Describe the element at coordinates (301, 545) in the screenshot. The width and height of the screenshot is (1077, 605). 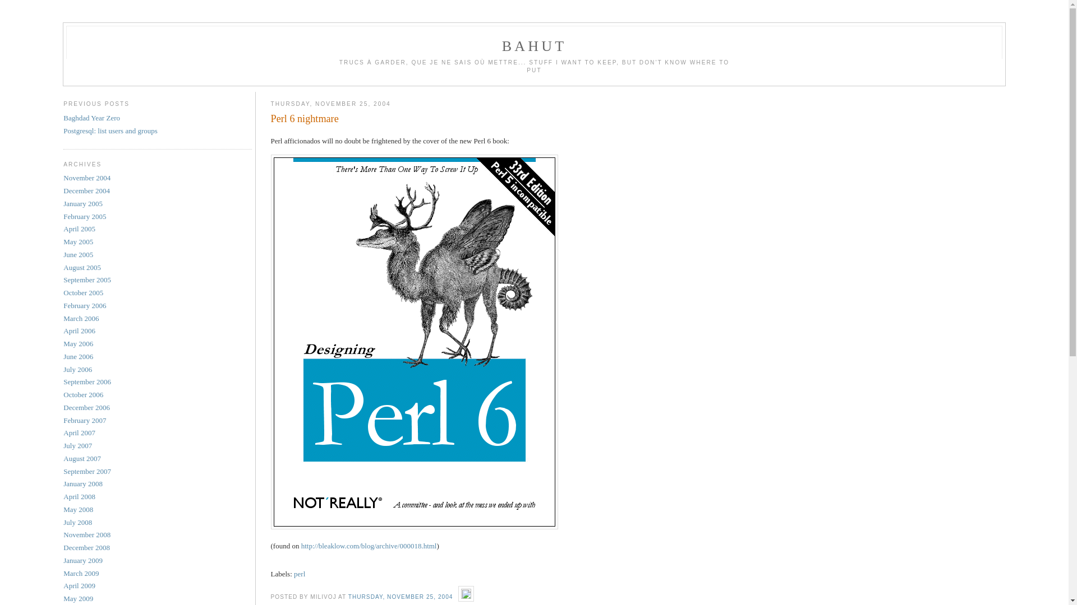
I see `'http://bleaklow.com/blog/archive/000018.html'` at that location.